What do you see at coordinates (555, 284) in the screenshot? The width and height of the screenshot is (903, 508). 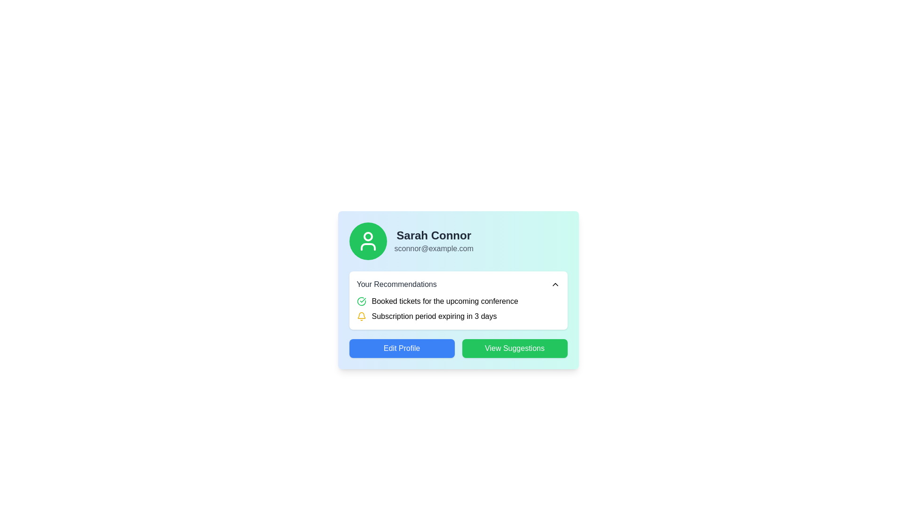 I see `the upward arrow button located near the right edge of the 'Your Recommendations' box` at bounding box center [555, 284].